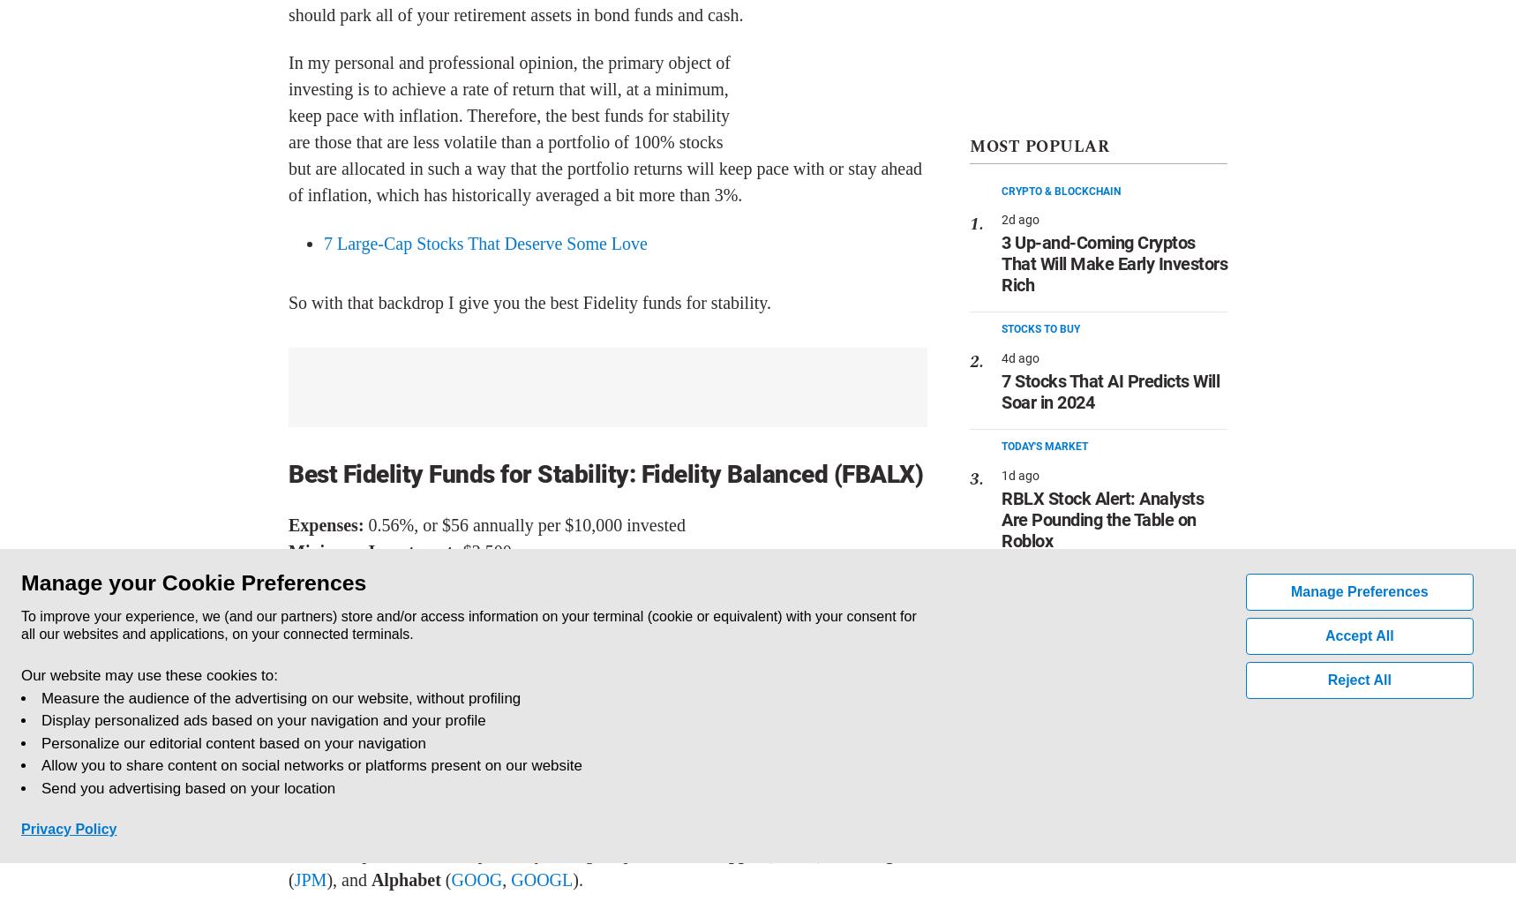 The width and height of the screenshot is (1516, 902). Describe the element at coordinates (1109, 390) in the screenshot. I see `'7 Stocks That AI Predicts Will Soar in 2024'` at that location.